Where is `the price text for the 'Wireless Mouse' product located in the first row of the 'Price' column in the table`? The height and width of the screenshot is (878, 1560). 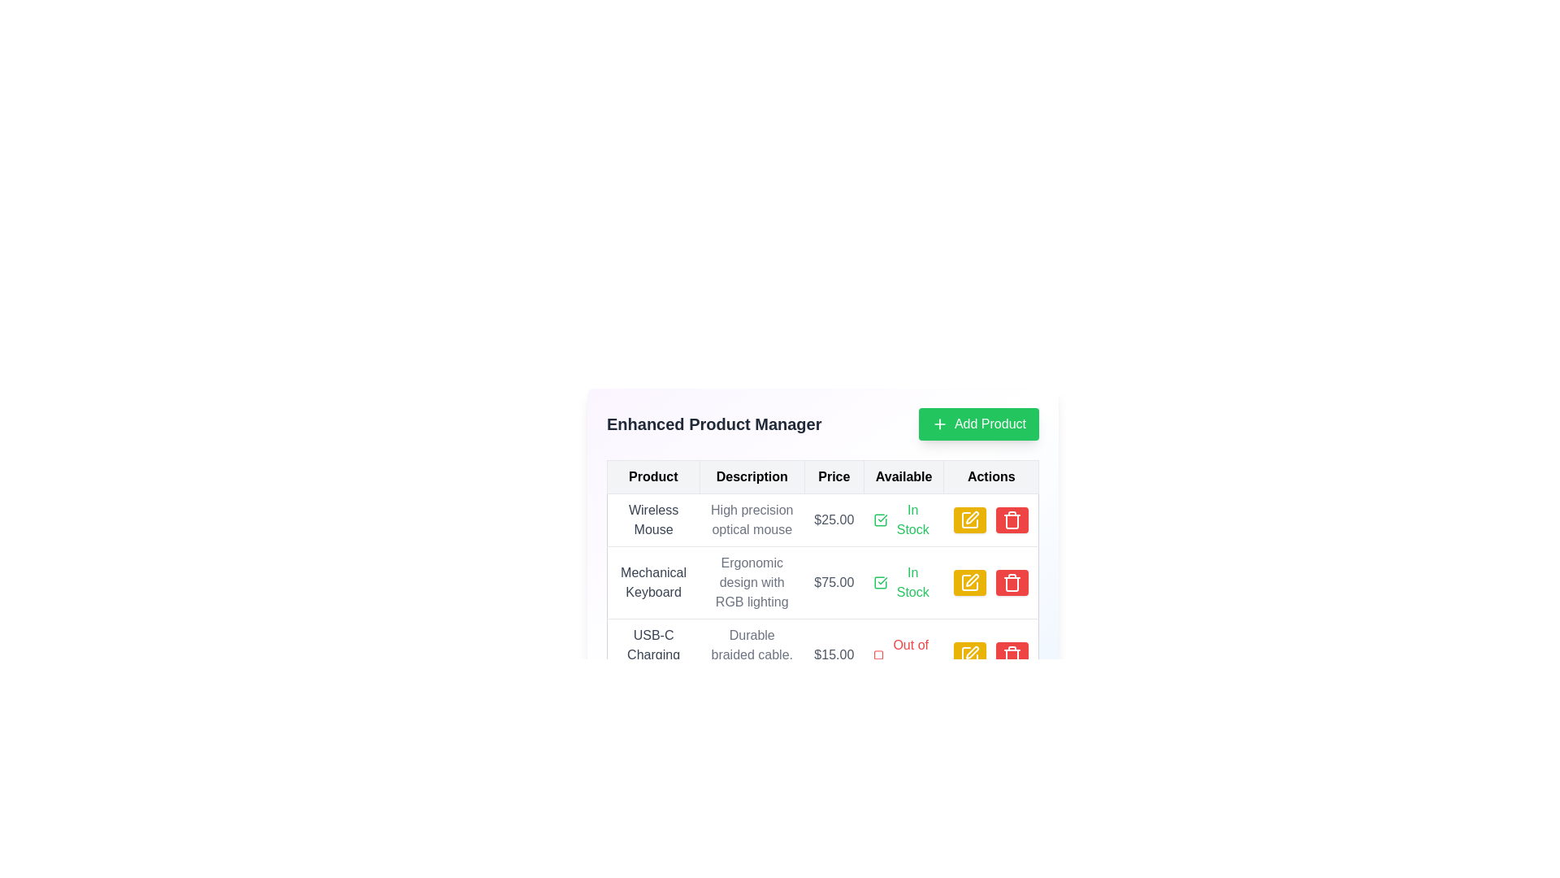
the price text for the 'Wireless Mouse' product located in the first row of the 'Price' column in the table is located at coordinates (834, 520).